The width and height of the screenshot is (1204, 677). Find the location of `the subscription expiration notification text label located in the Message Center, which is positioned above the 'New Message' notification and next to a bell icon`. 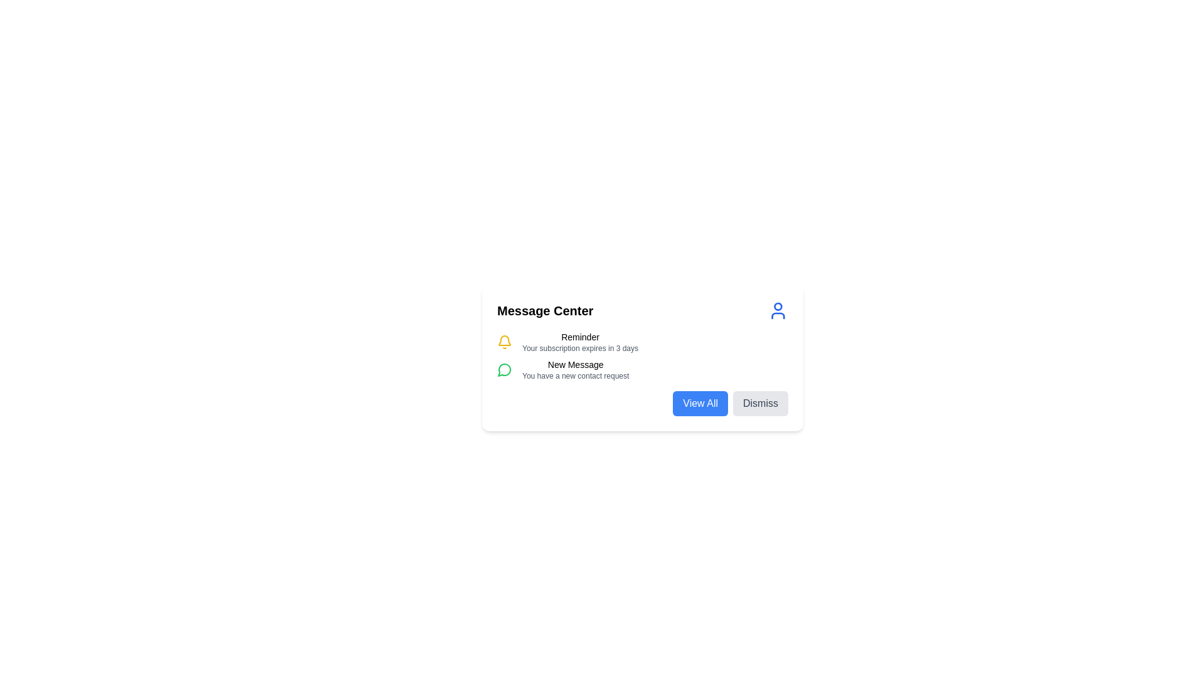

the subscription expiration notification text label located in the Message Center, which is positioned above the 'New Message' notification and next to a bell icon is located at coordinates (579, 342).